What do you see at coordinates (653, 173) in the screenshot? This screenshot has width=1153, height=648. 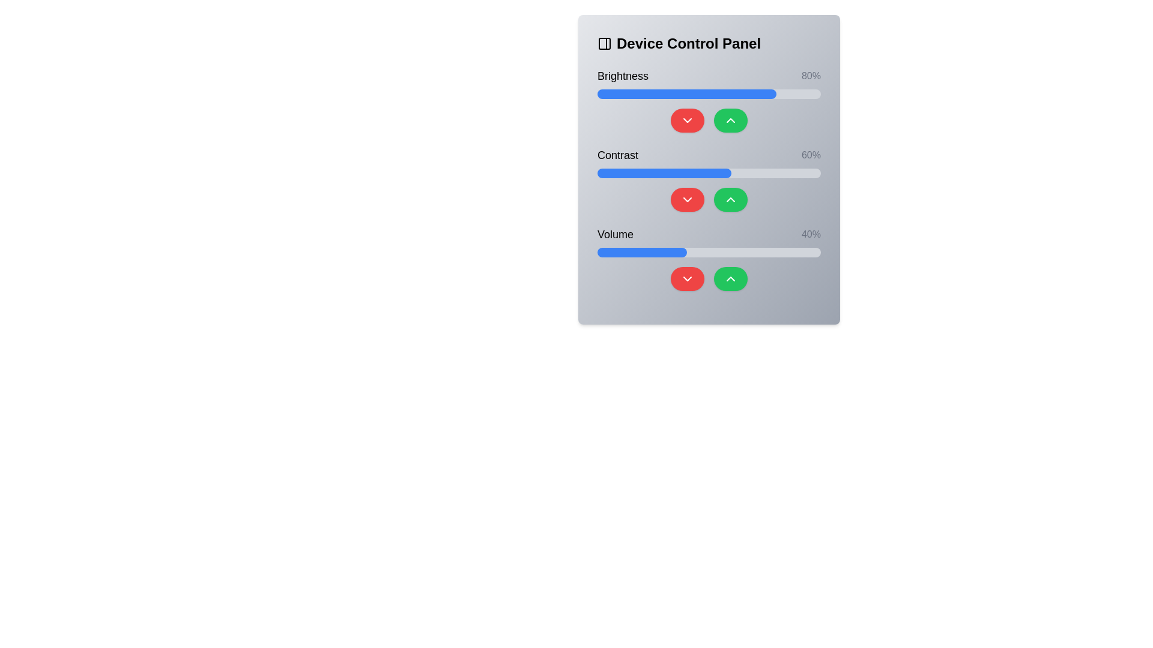 I see `the contrast level` at bounding box center [653, 173].